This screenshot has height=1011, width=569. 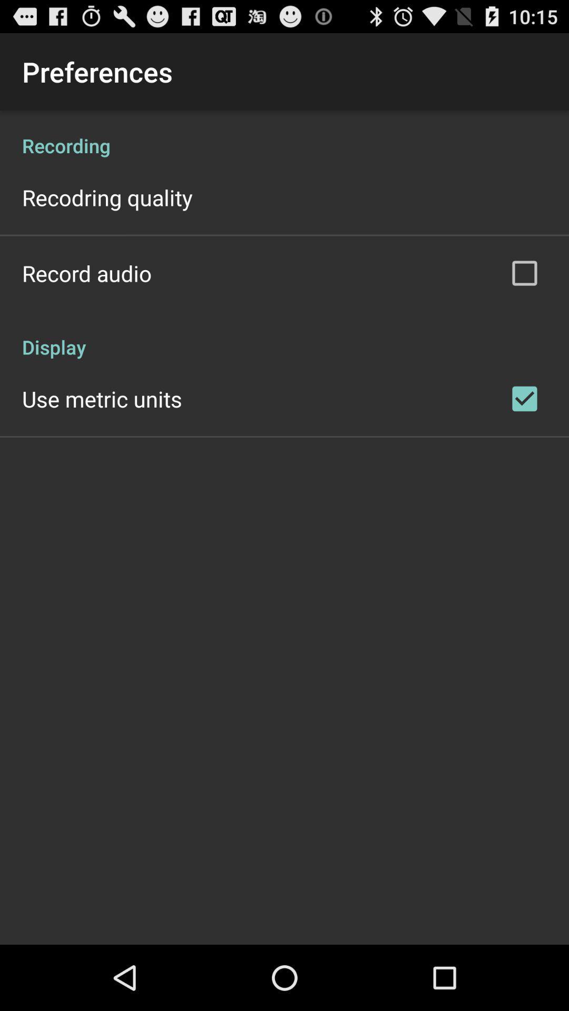 I want to click on the icon on the left, so click(x=102, y=398).